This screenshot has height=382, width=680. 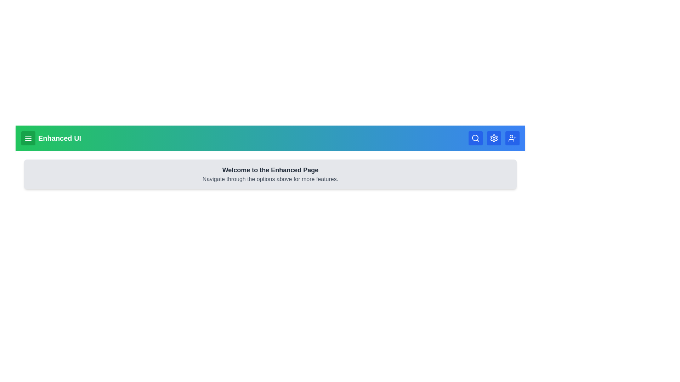 I want to click on the user add button, so click(x=512, y=138).